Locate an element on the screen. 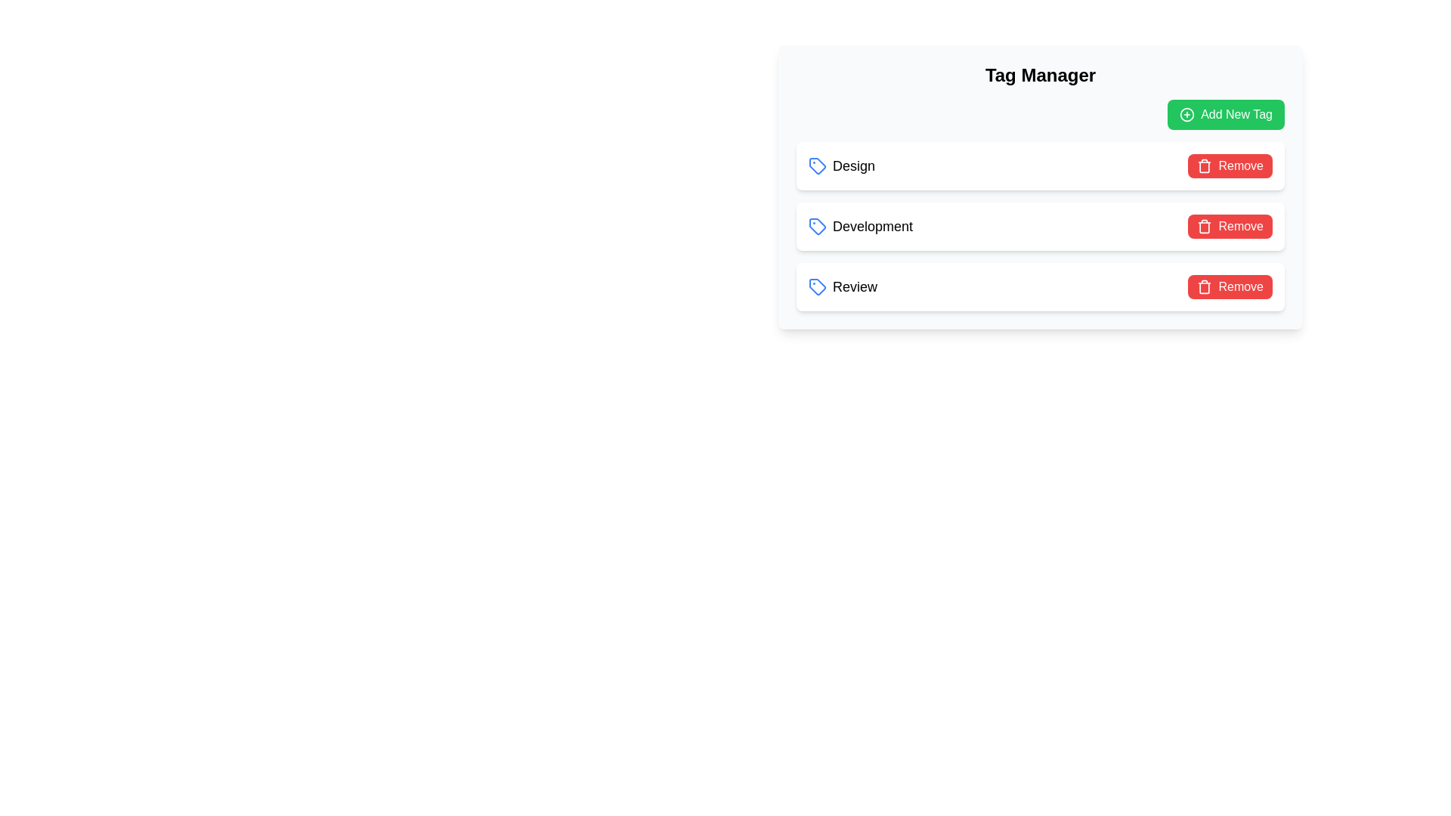 Image resolution: width=1451 pixels, height=816 pixels. the 'Review' label, which is a medium-sized bold text positioned on the right side of a blue-colored tag icon, located in the third row under the 'Tag Manager' header is located at coordinates (855, 287).